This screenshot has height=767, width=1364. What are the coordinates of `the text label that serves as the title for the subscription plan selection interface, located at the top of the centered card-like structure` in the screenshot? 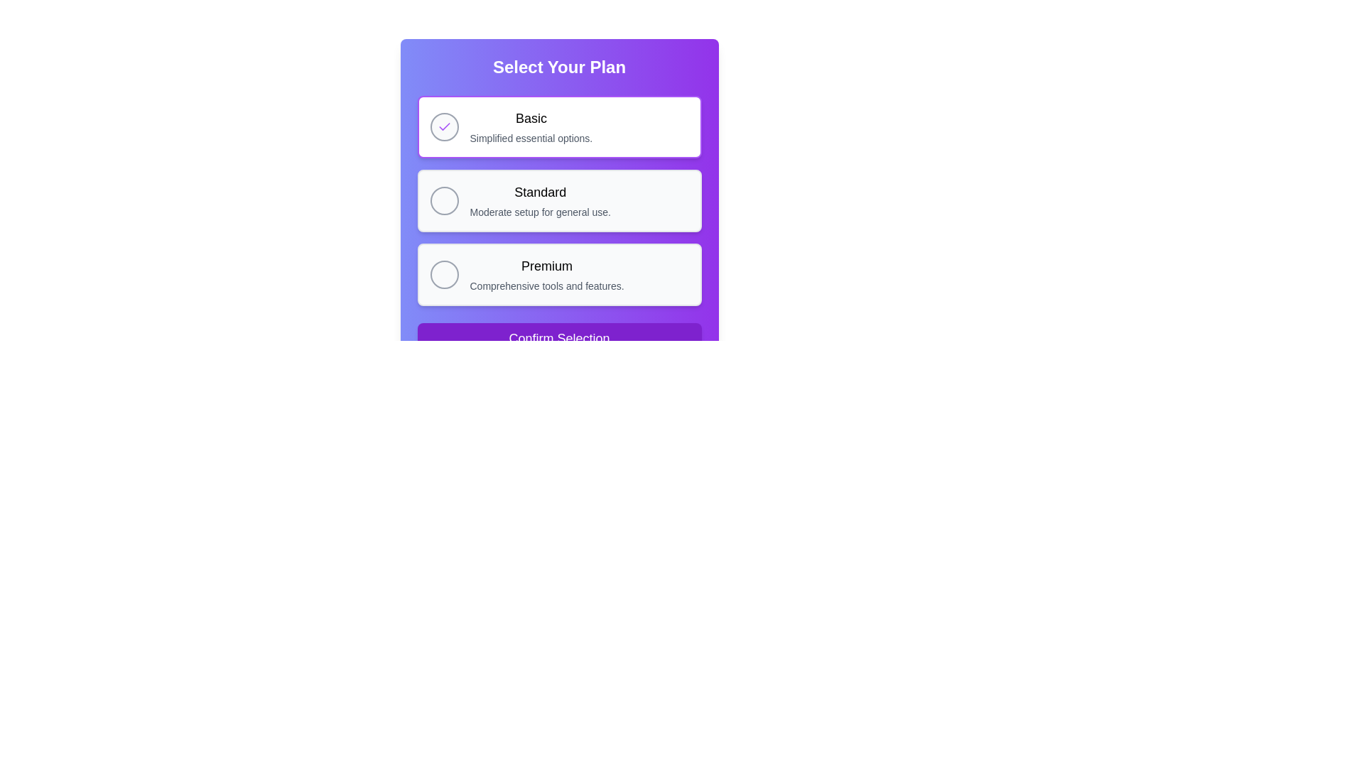 It's located at (558, 67).